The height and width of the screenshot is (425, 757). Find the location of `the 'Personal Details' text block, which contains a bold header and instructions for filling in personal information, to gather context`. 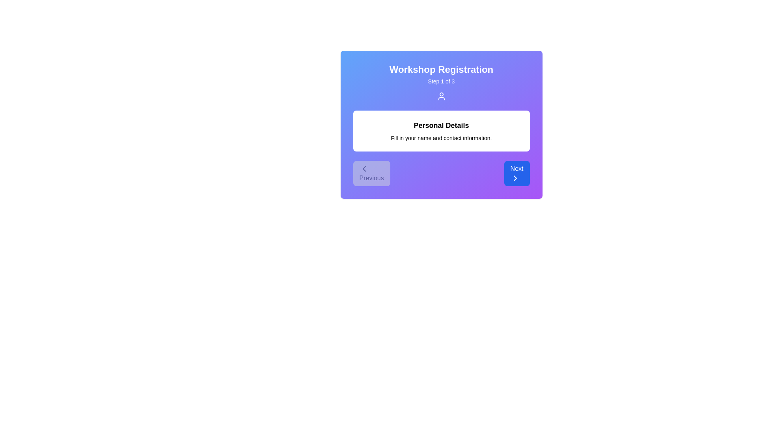

the 'Personal Details' text block, which contains a bold header and instructions for filling in personal information, to gather context is located at coordinates (441, 130).